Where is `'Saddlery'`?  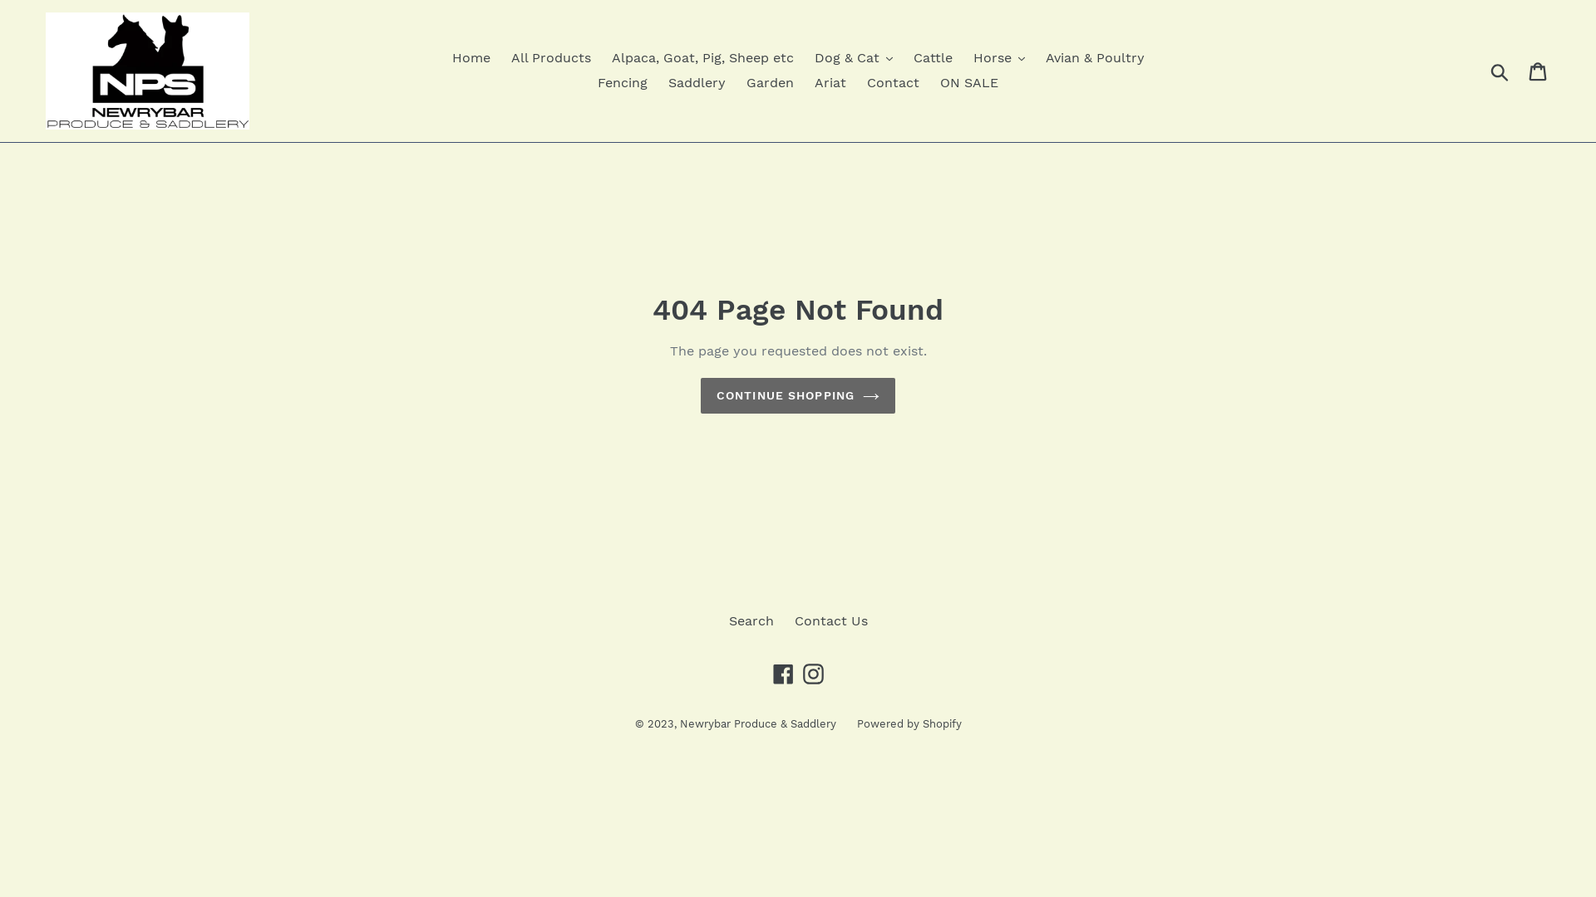
'Saddlery' is located at coordinates (697, 83).